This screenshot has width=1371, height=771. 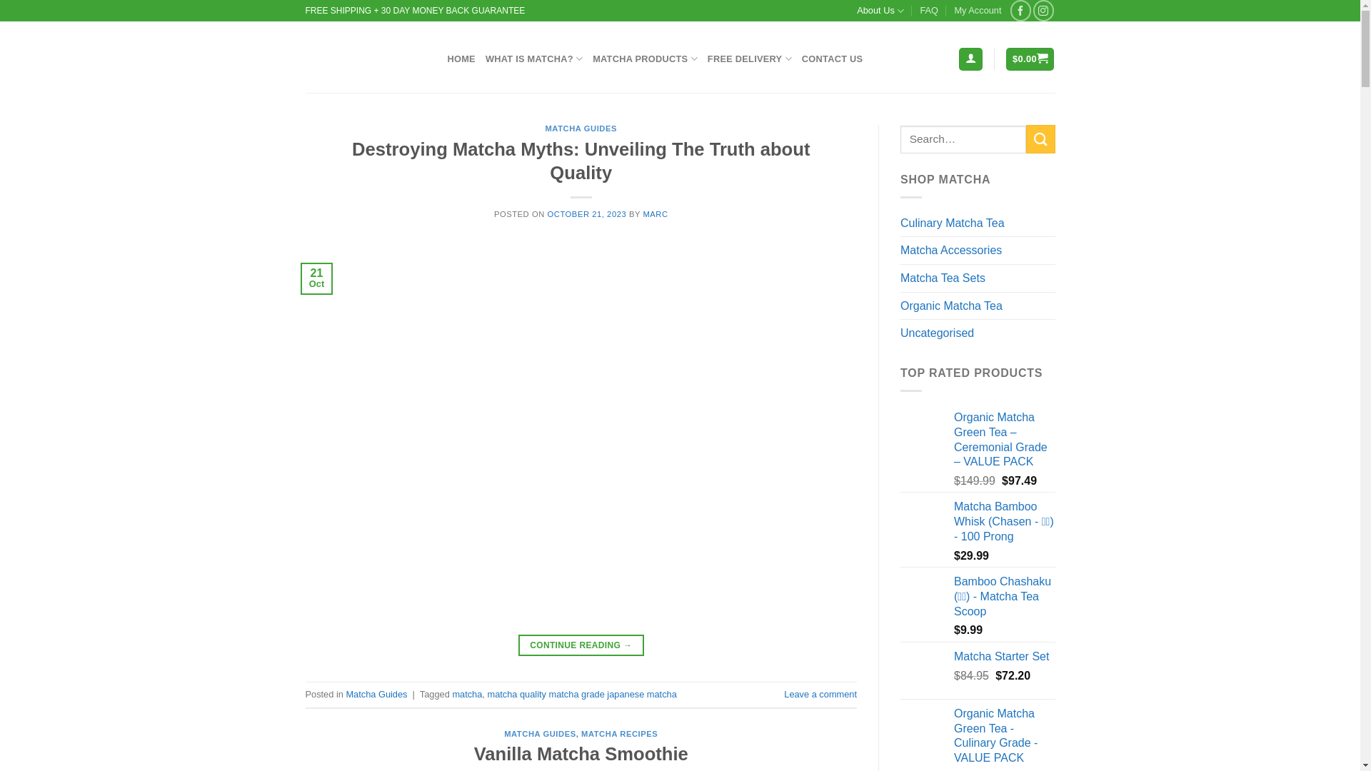 I want to click on 'Matcha Accessories', so click(x=977, y=250).